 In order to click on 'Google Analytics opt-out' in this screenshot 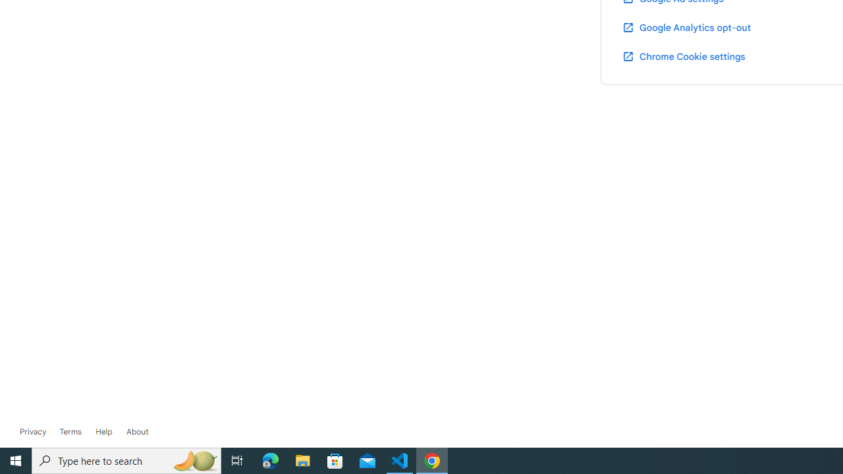, I will do `click(685, 27)`.